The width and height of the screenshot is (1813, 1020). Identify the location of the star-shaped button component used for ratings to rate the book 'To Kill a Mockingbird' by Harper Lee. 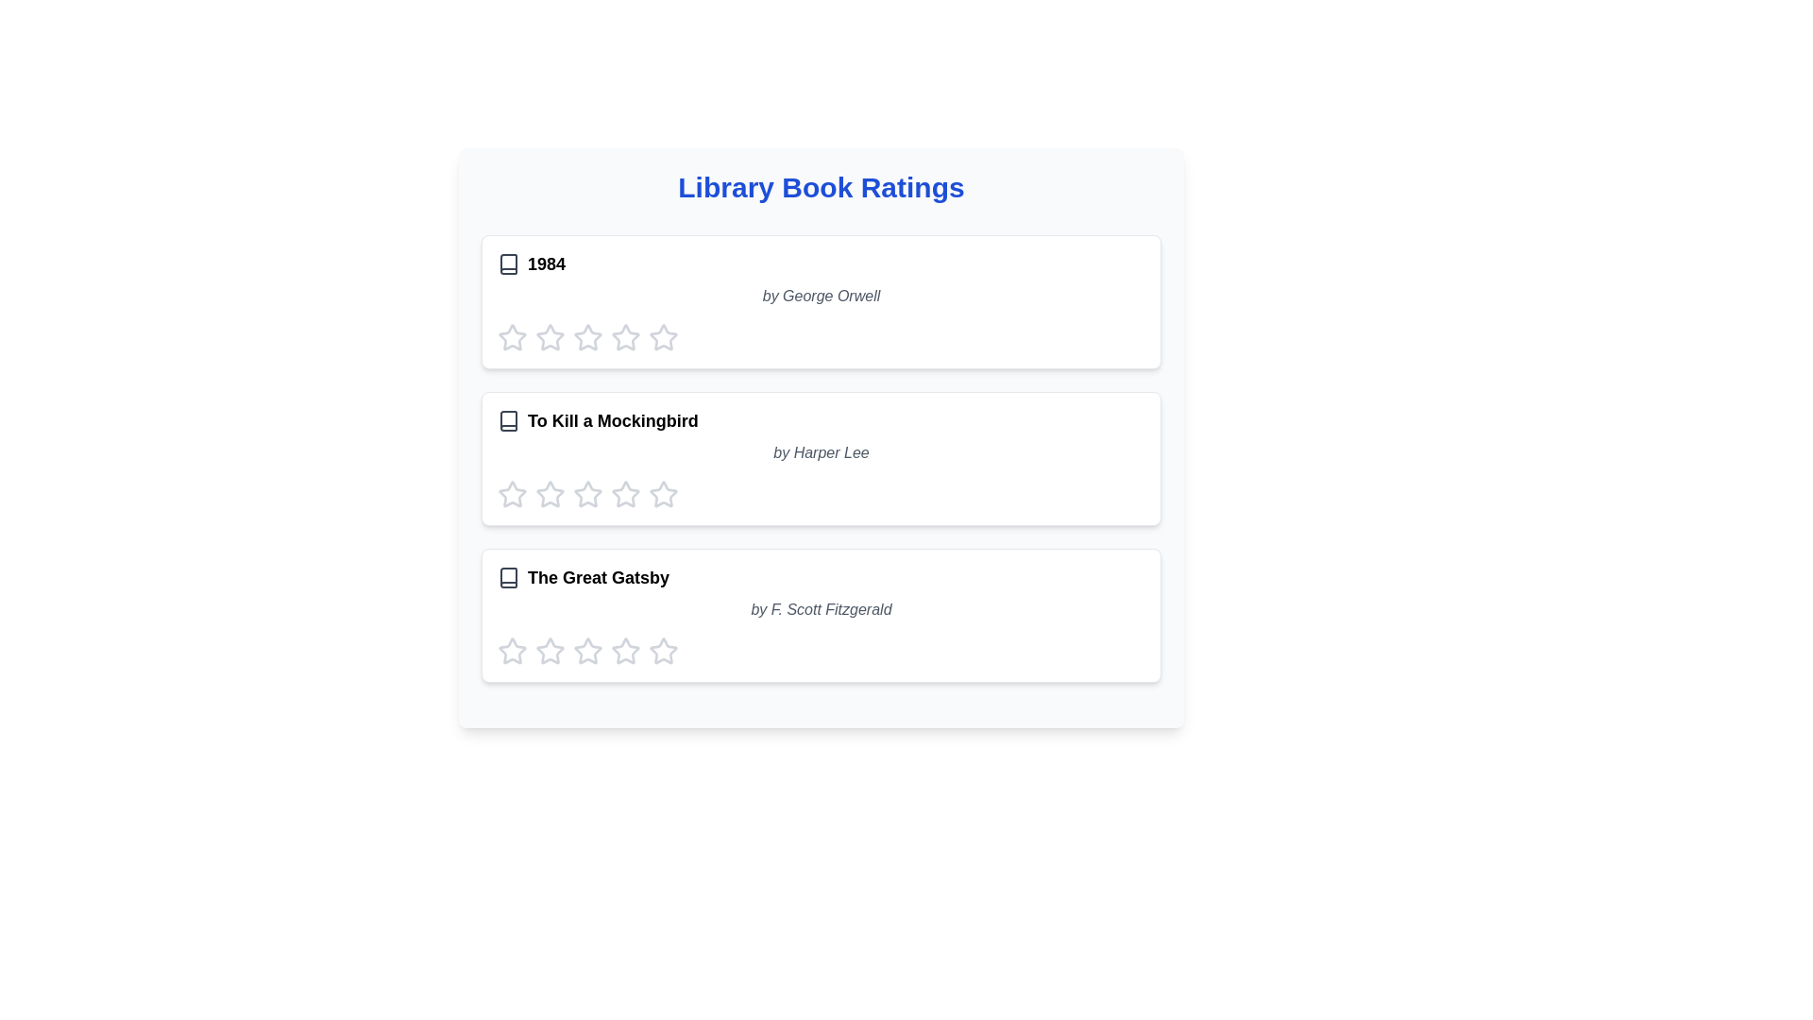
(512, 494).